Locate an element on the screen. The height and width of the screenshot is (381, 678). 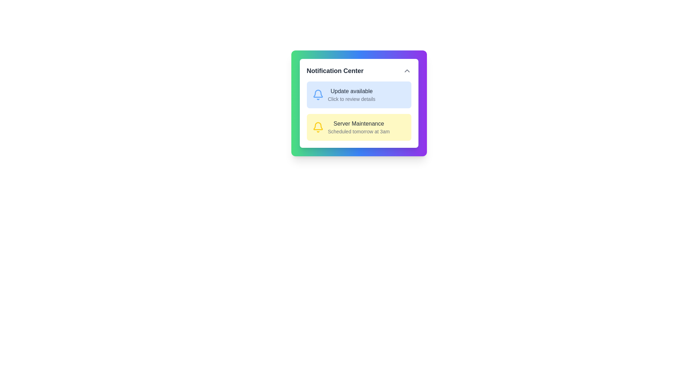
the static informational text displaying the scheduled server maintenance notice, which is located in the lower section of the notification with a yellow background and rounded corners is located at coordinates (359, 127).